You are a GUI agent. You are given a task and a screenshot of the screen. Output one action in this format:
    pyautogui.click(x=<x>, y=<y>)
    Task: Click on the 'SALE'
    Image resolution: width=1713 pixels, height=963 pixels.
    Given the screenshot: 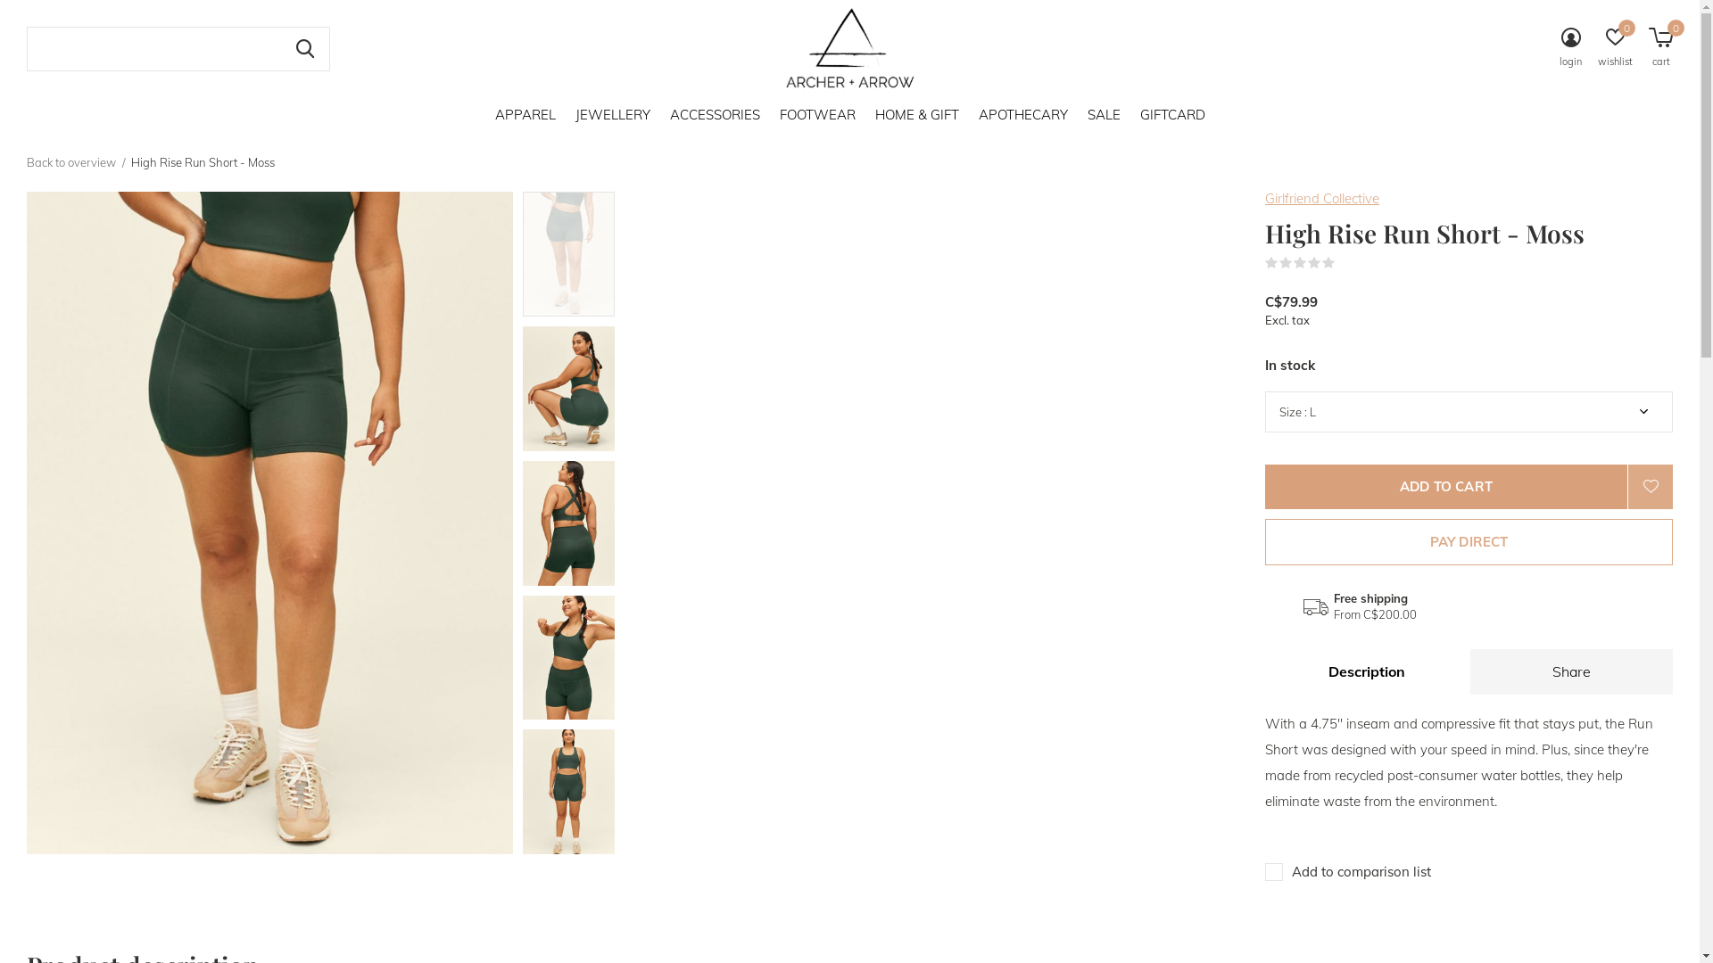 What is the action you would take?
    pyautogui.click(x=1102, y=113)
    